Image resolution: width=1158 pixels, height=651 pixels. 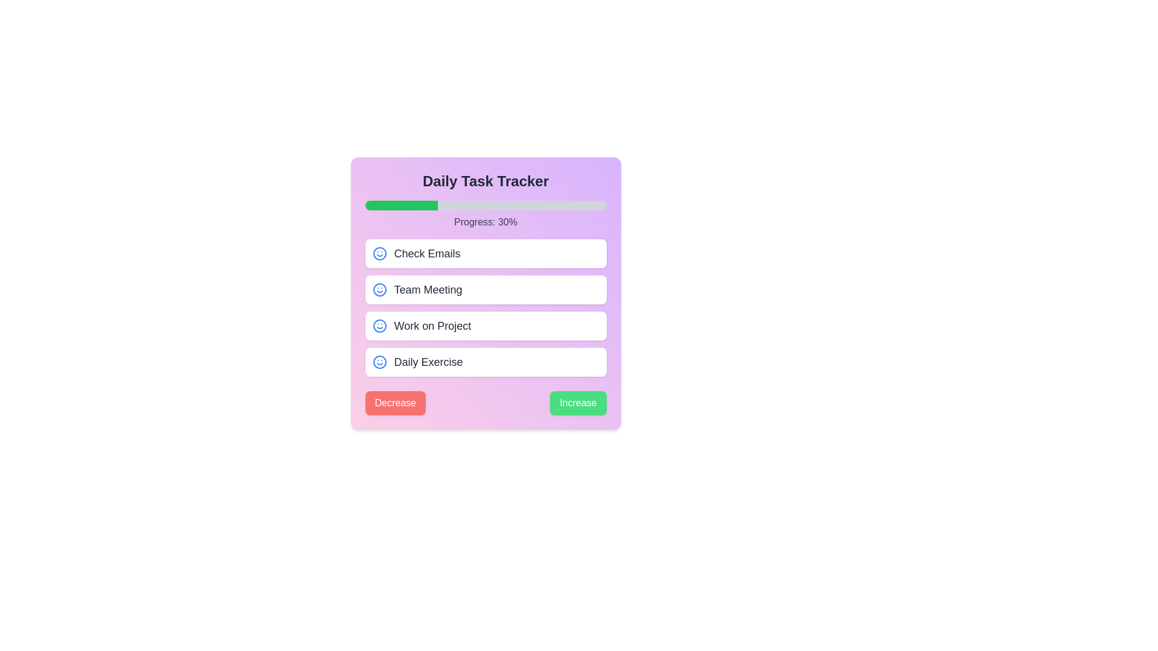 What do you see at coordinates (428, 290) in the screenshot?
I see `the text label describing the 'Team Meeting' task in the task tracker interface, which is located in the second row of the task list, to the right of a small smiley face icon` at bounding box center [428, 290].